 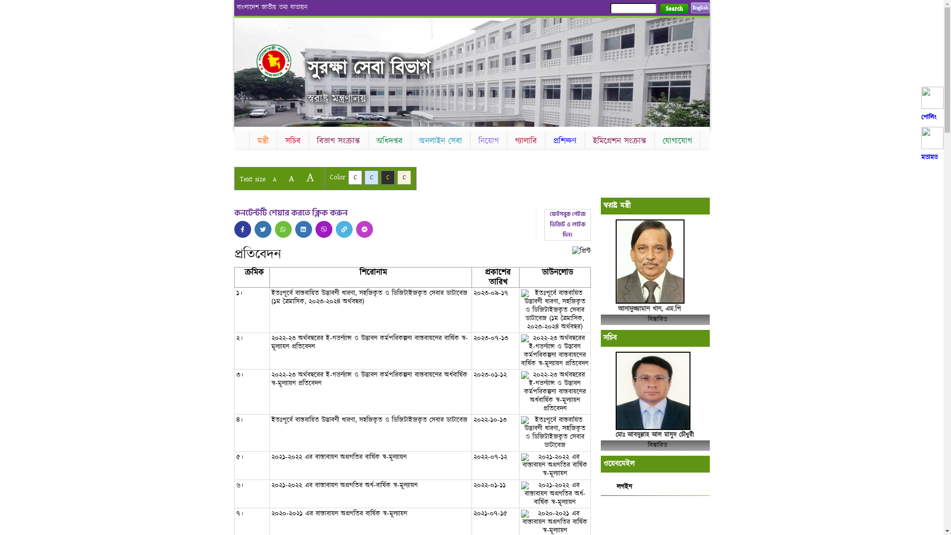 I want to click on 'Home', so click(x=241, y=139).